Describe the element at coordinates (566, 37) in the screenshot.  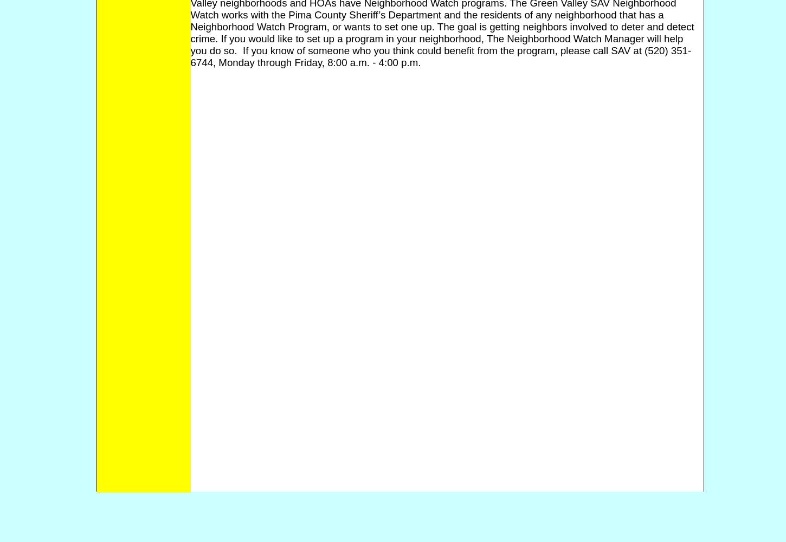
I see `'The Neighborhood Watch Manager'` at that location.